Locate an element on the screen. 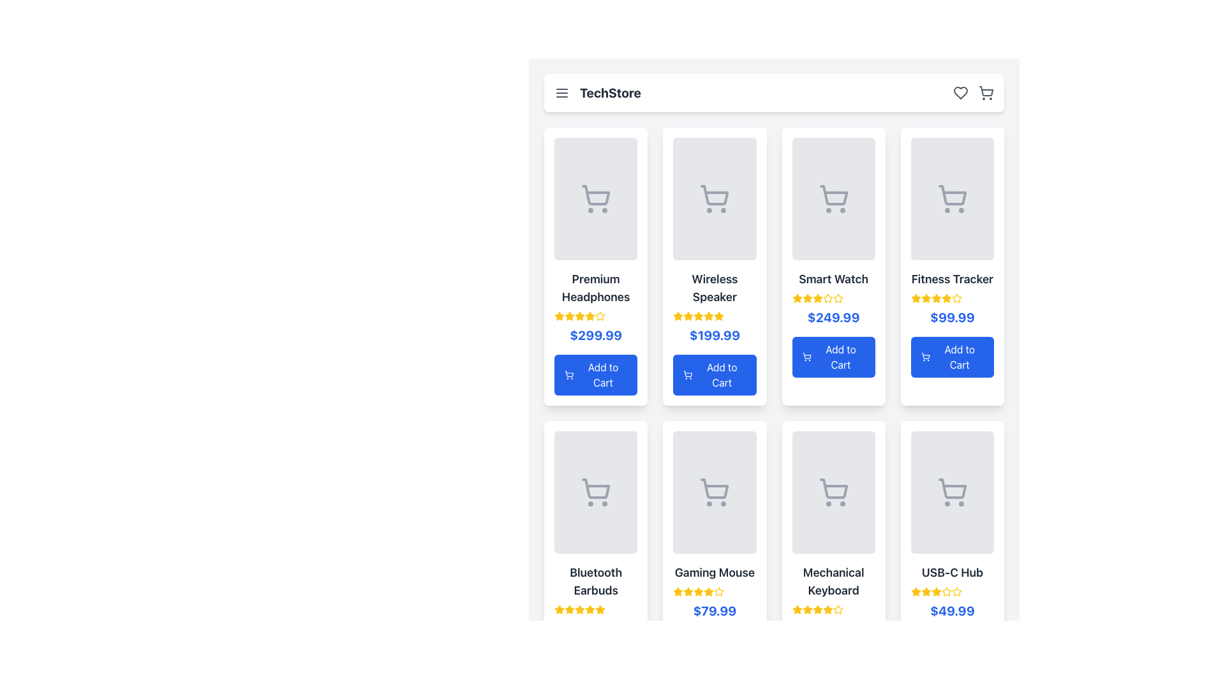  the yellow star icon representing the rating in the fifth product card (Bluetooth Earbuds), located under the product title and above the price is located at coordinates (599, 609).